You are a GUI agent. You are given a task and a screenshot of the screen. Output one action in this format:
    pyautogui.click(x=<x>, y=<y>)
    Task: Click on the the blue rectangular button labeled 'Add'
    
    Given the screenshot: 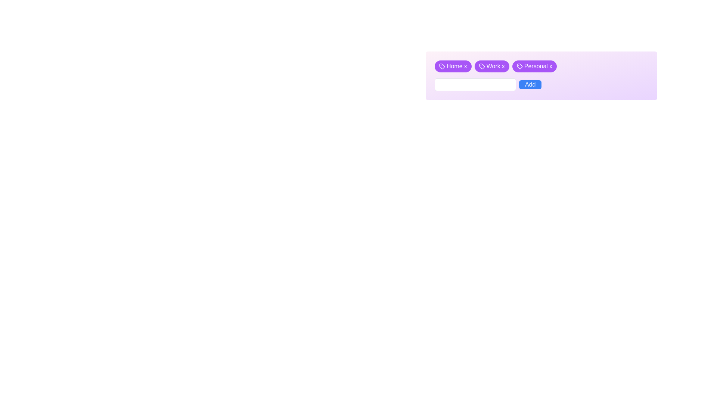 What is the action you would take?
    pyautogui.click(x=541, y=84)
    